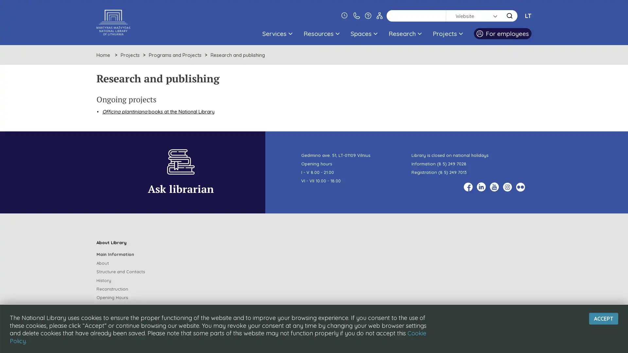 Image resolution: width=628 pixels, height=353 pixels. I want to click on Search, so click(509, 15).